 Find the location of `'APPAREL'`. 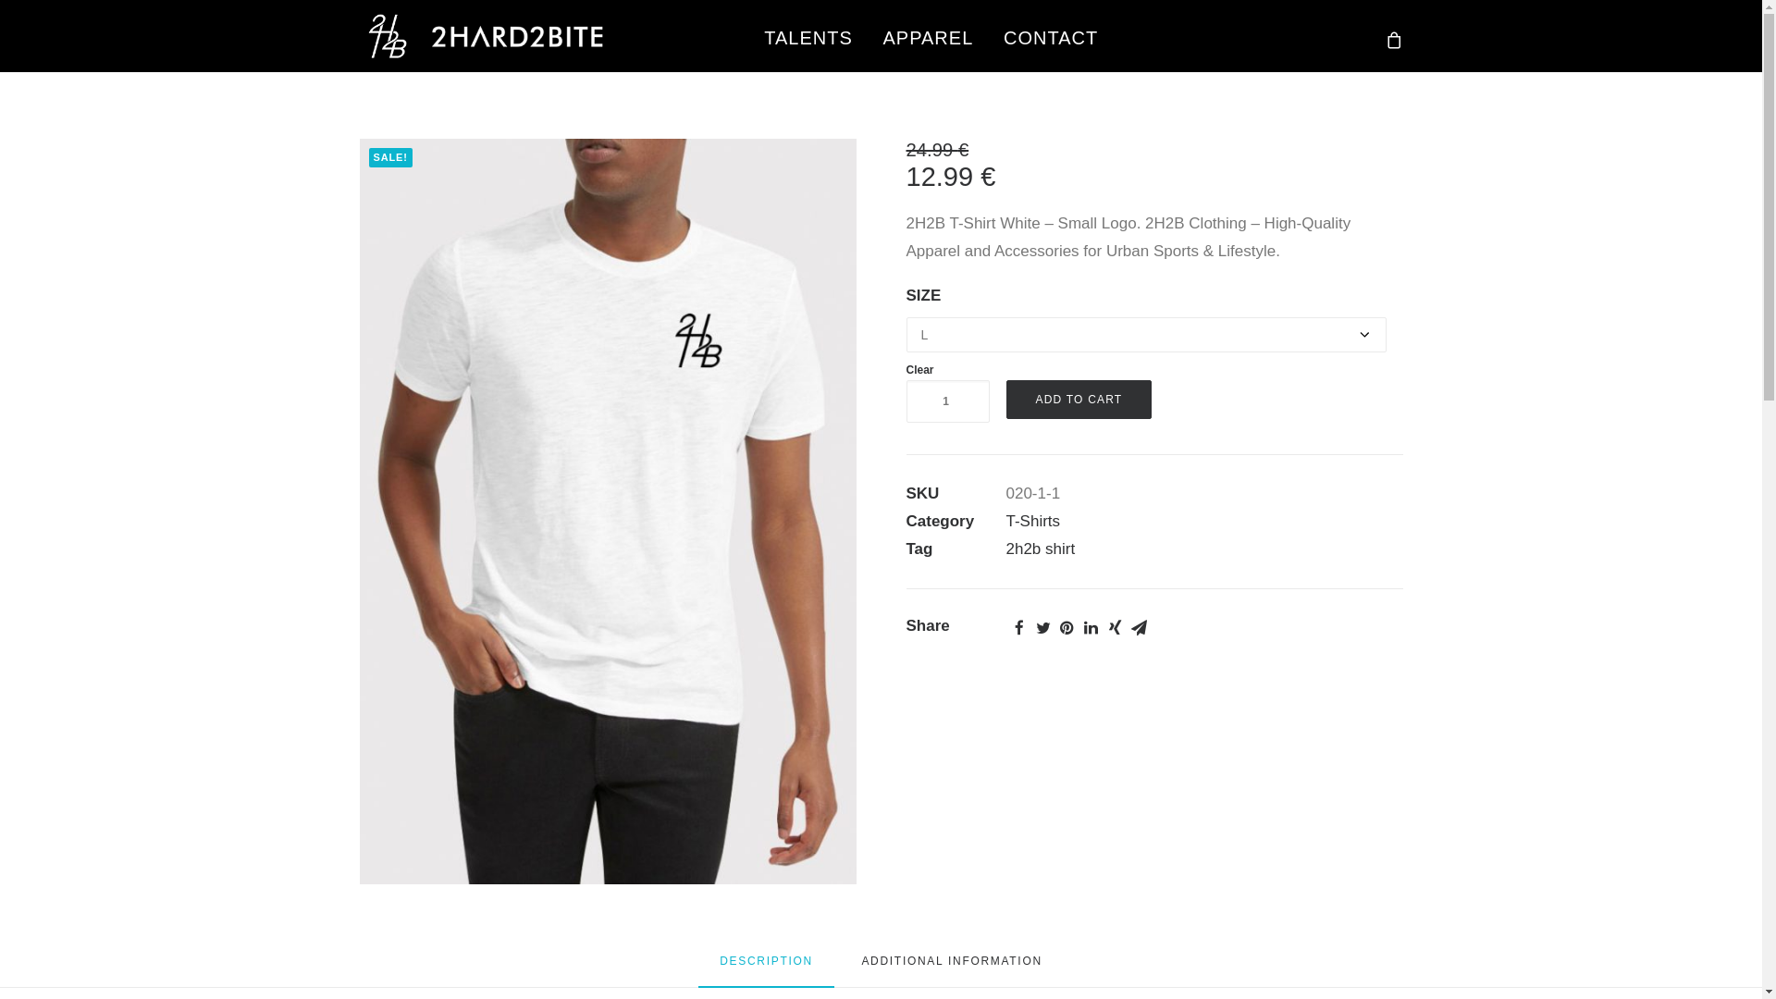

'APPAREL' is located at coordinates (928, 35).